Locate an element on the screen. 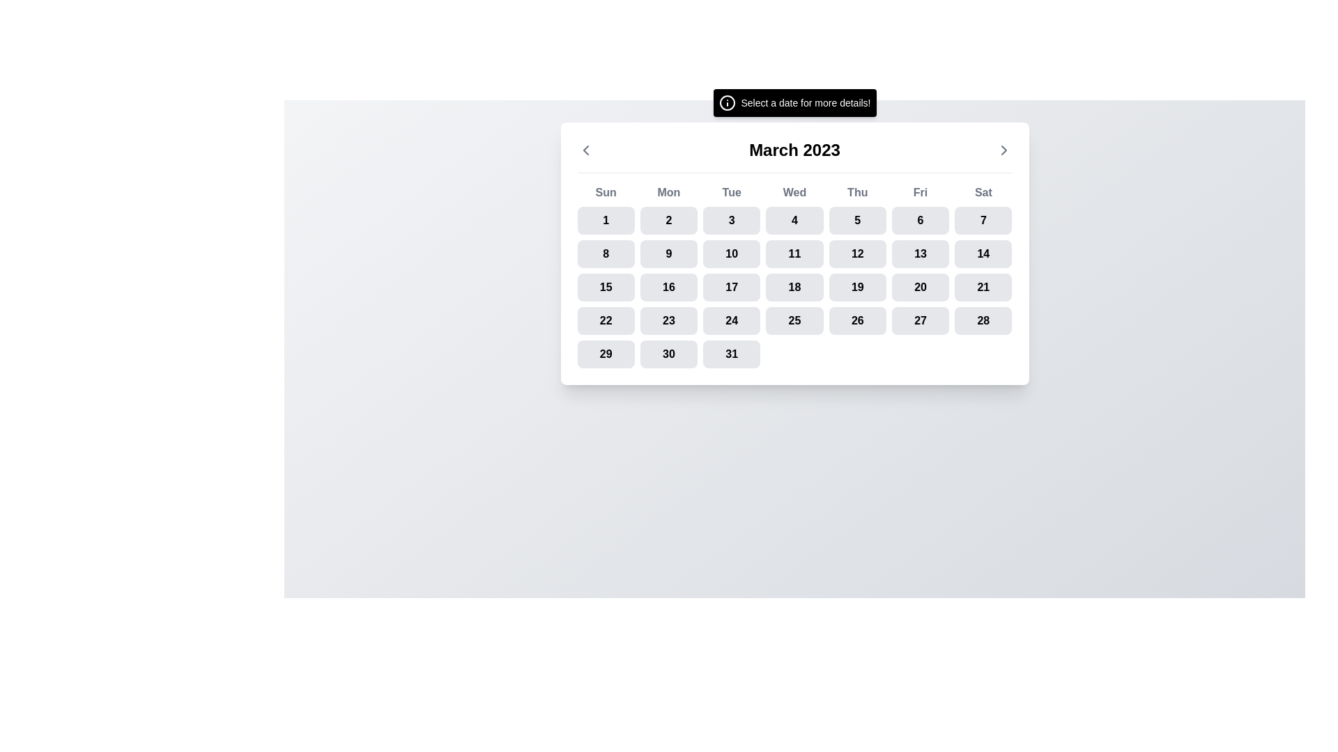 The height and width of the screenshot is (752, 1338). the square button labeled '16' in the calendar grid is located at coordinates (669, 286).